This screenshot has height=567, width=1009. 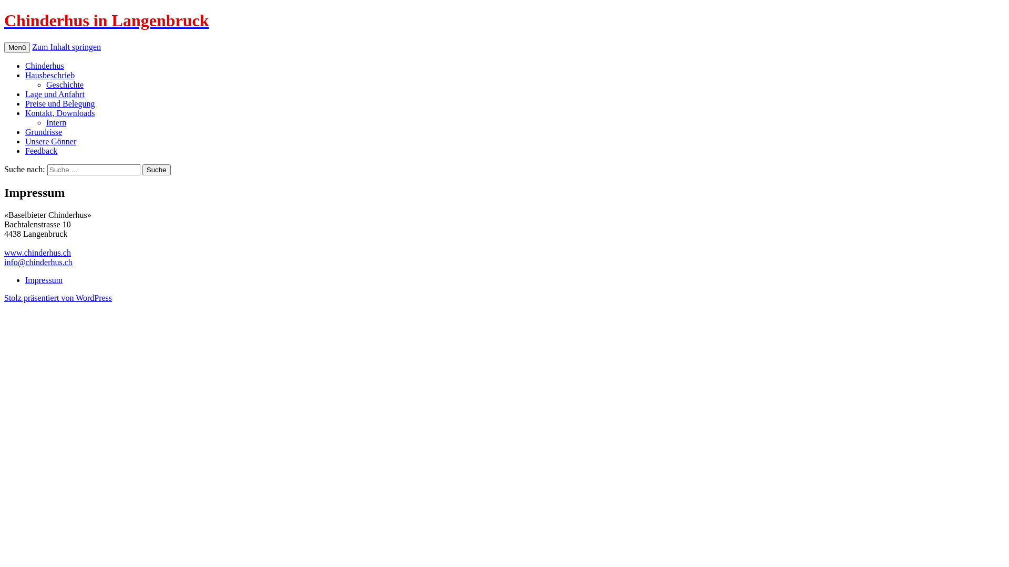 What do you see at coordinates (54, 93) in the screenshot?
I see `'Lage und Anfahrt'` at bounding box center [54, 93].